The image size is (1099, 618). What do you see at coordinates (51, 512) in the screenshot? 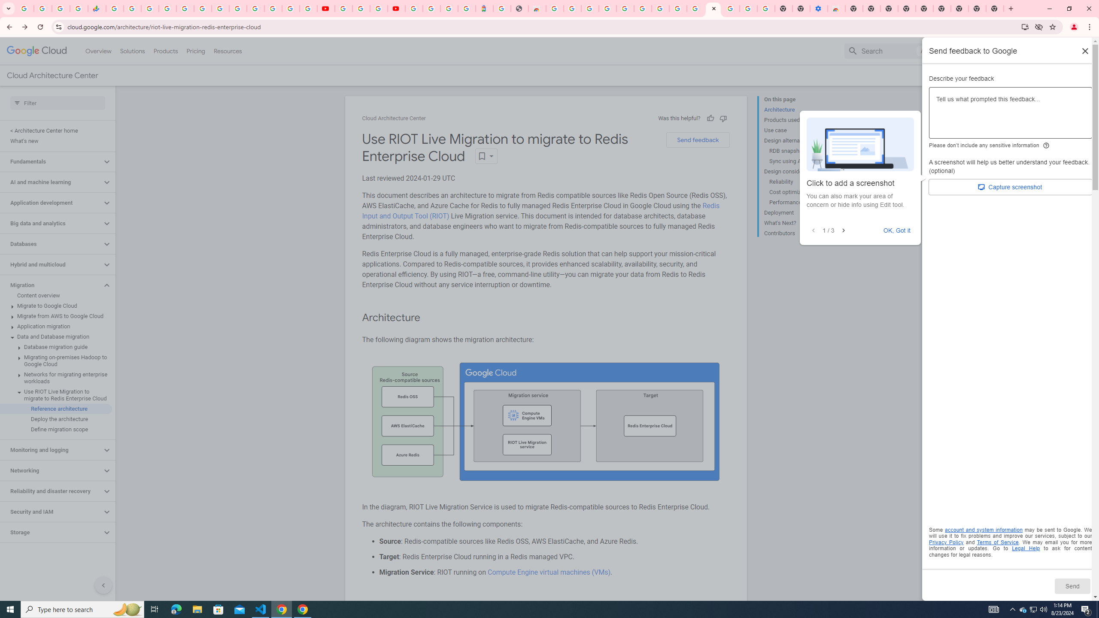
I see `'Security and IAM'` at bounding box center [51, 512].